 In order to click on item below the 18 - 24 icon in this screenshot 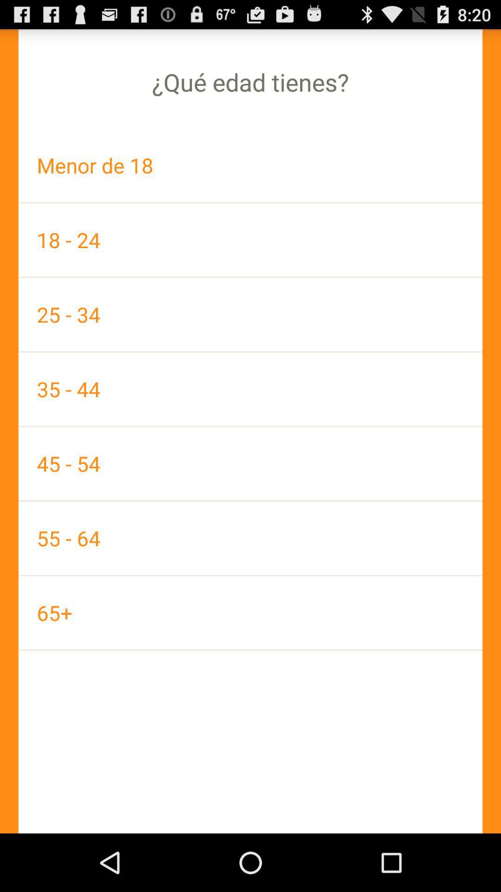, I will do `click(250, 315)`.